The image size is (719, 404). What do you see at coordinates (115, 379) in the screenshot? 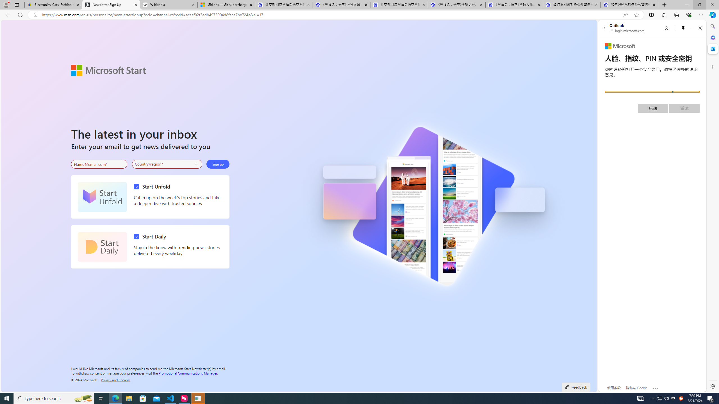
I see `'Privacy and Cookies'` at bounding box center [115, 379].